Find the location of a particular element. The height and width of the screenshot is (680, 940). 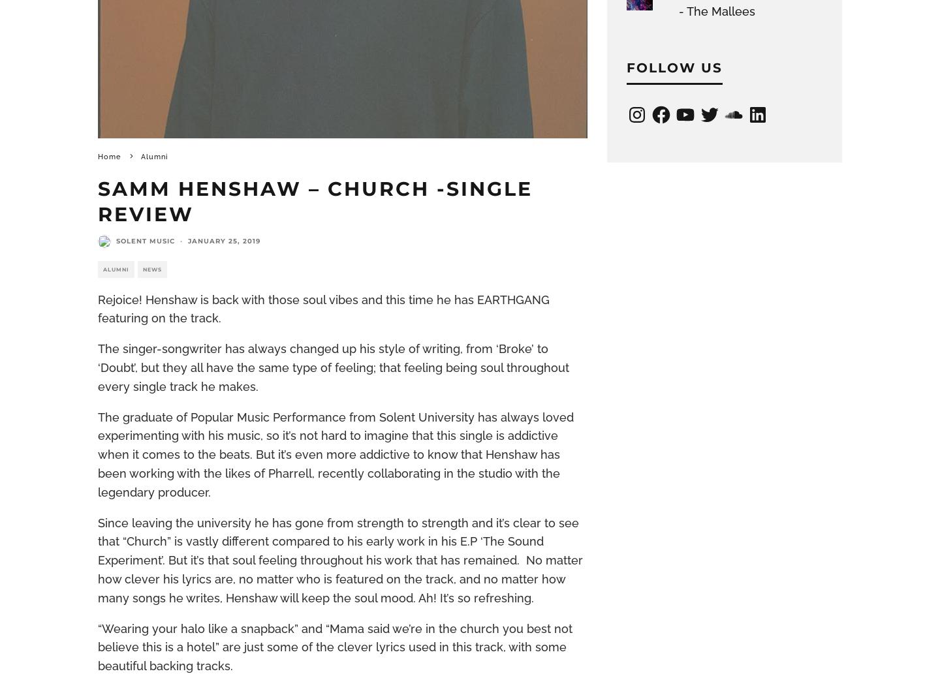

'Solent Music' is located at coordinates (146, 240).